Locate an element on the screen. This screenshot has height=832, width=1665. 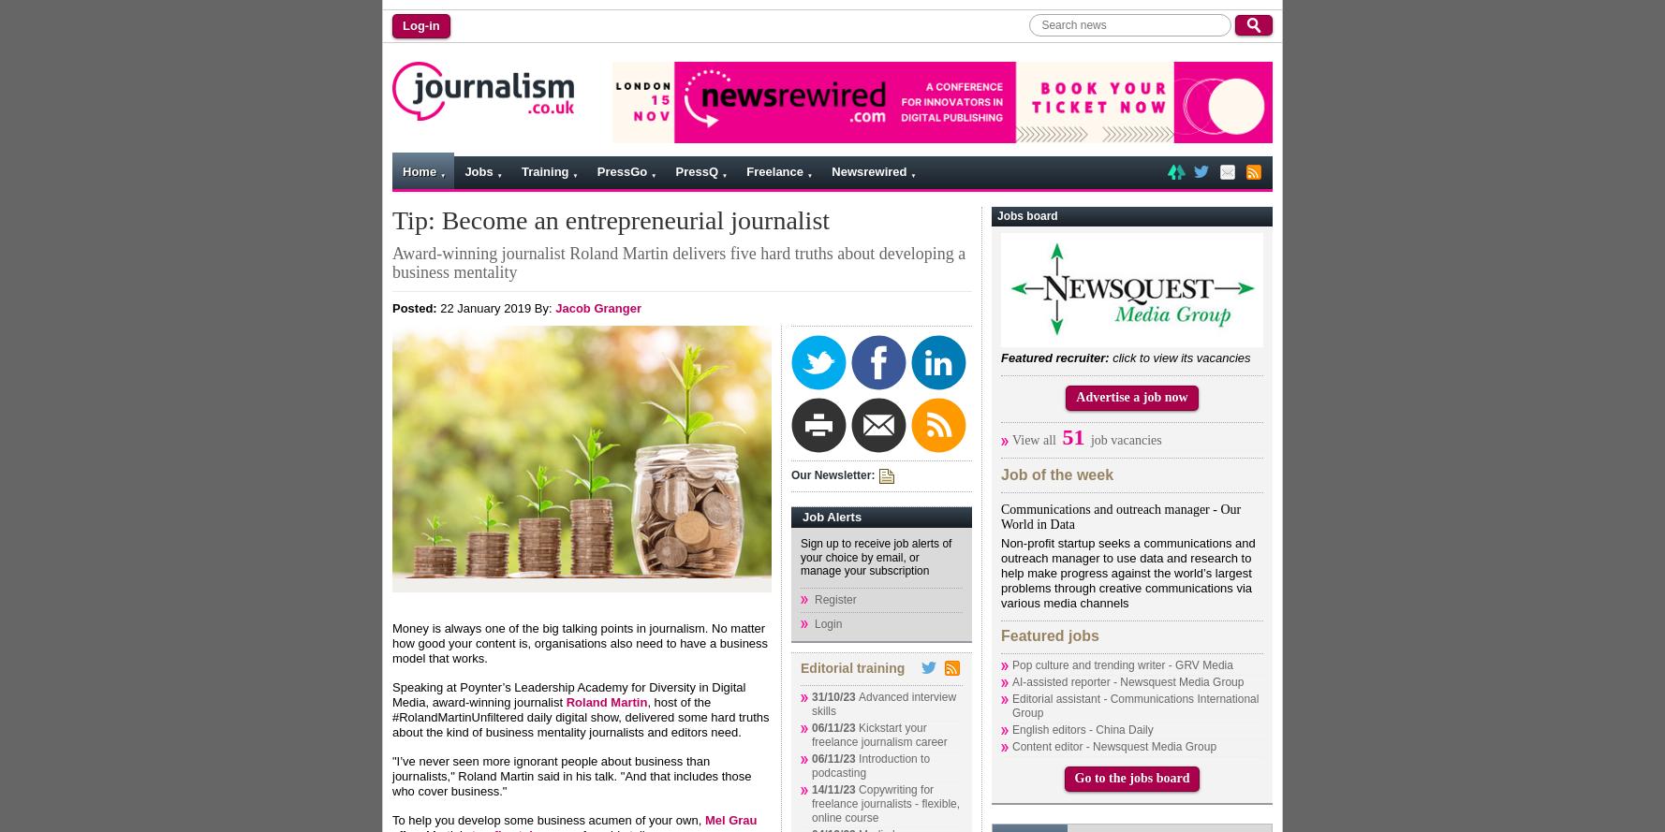
'Privacy policy' is located at coordinates (598, 312).